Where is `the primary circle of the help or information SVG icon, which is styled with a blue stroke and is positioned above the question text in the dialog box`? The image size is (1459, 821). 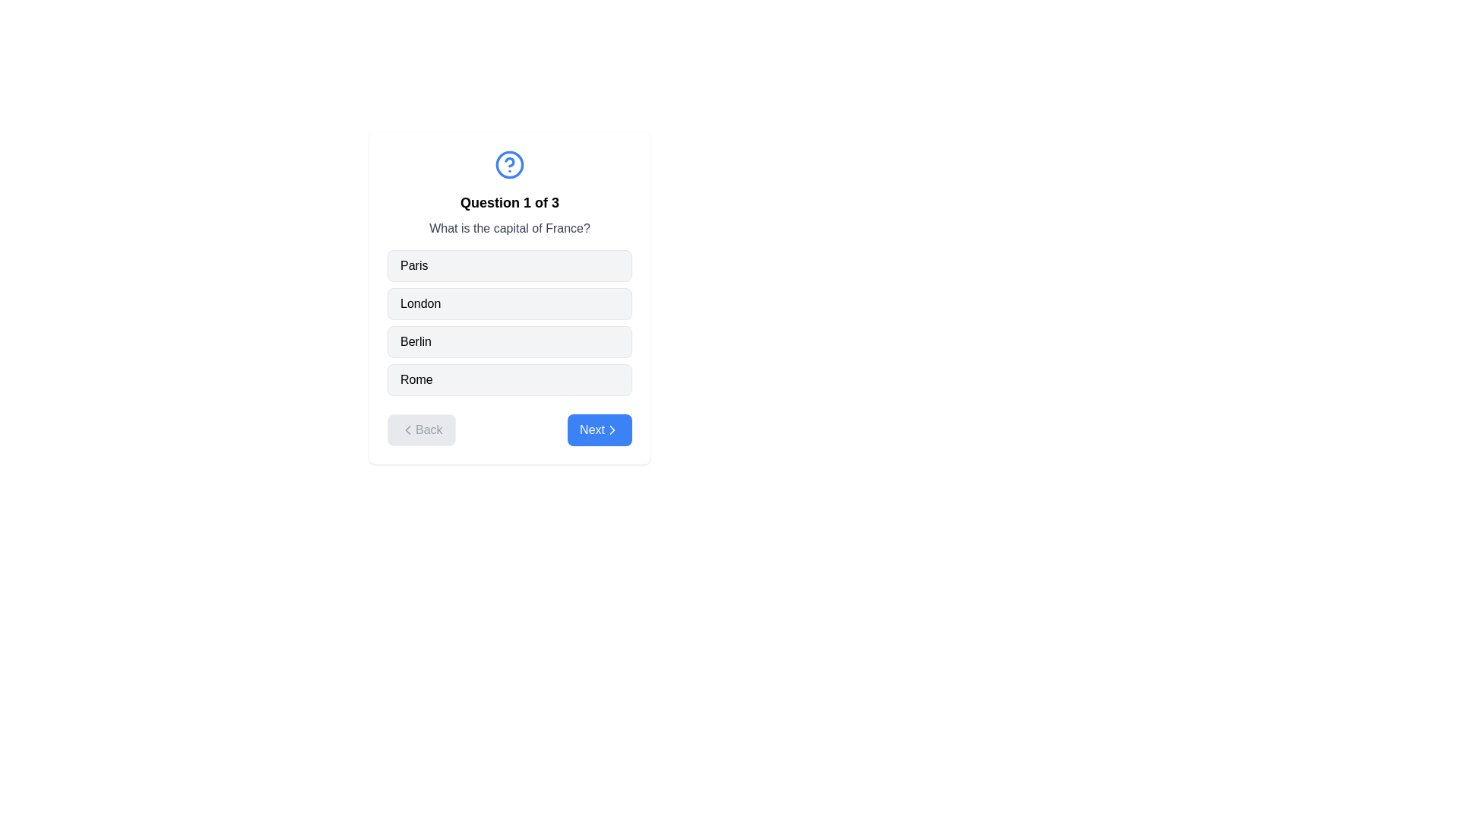
the primary circle of the help or information SVG icon, which is styled with a blue stroke and is positioned above the question text in the dialog box is located at coordinates (510, 164).